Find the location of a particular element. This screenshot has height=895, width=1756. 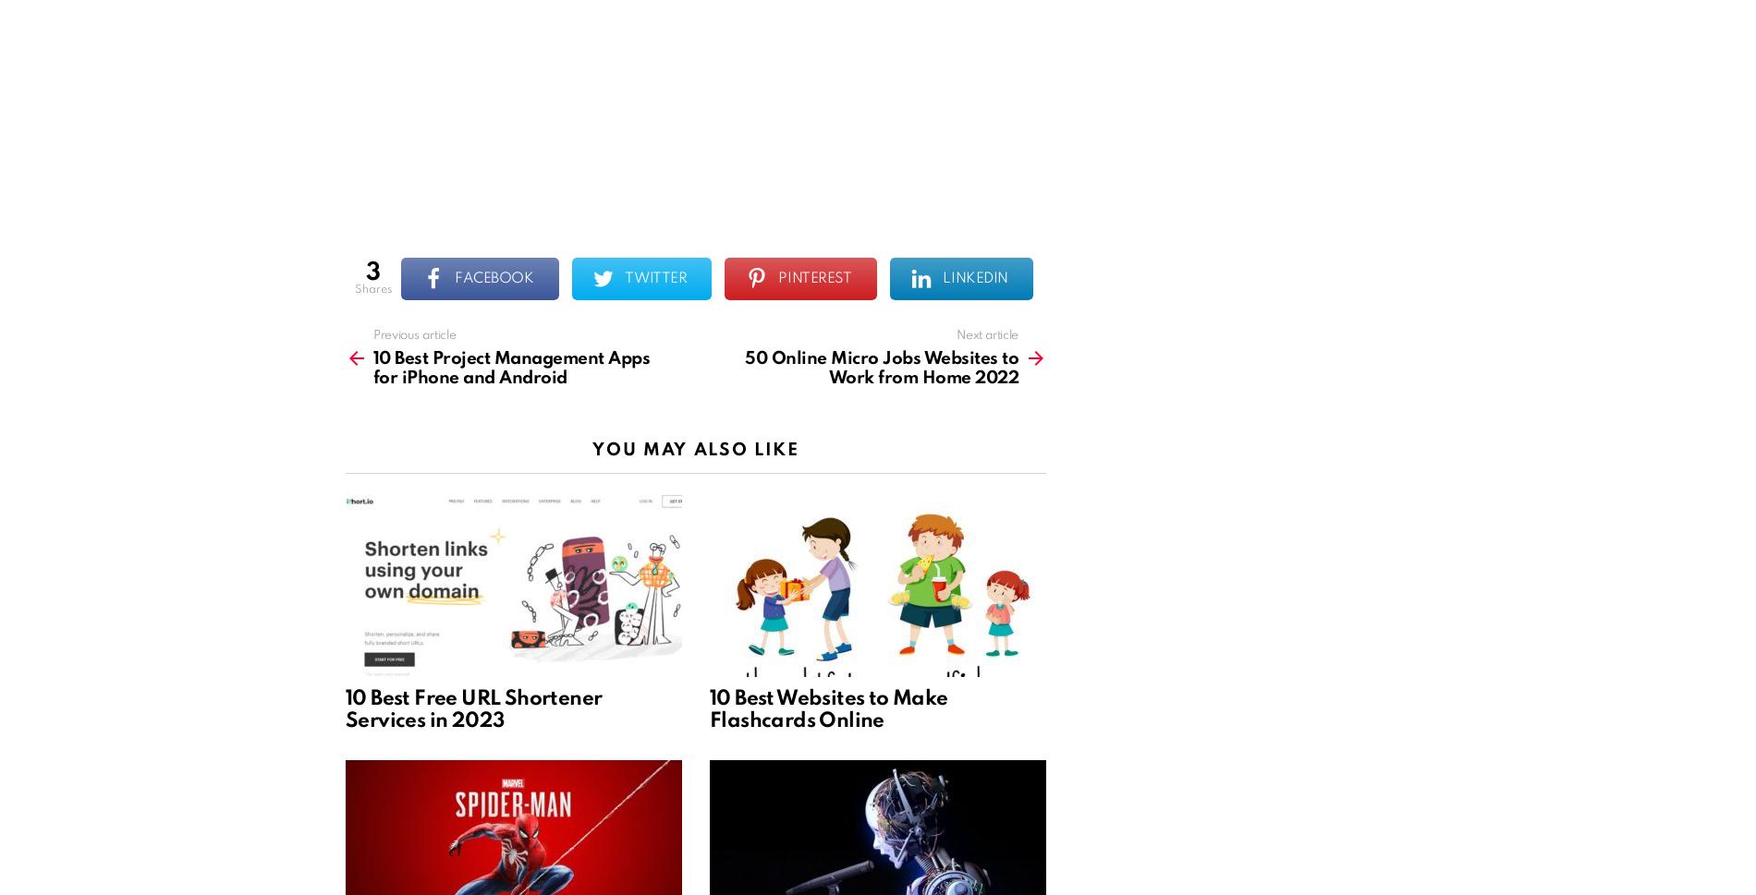

'10 Best Project Management Apps for iPhone and Android' is located at coordinates (511, 368).